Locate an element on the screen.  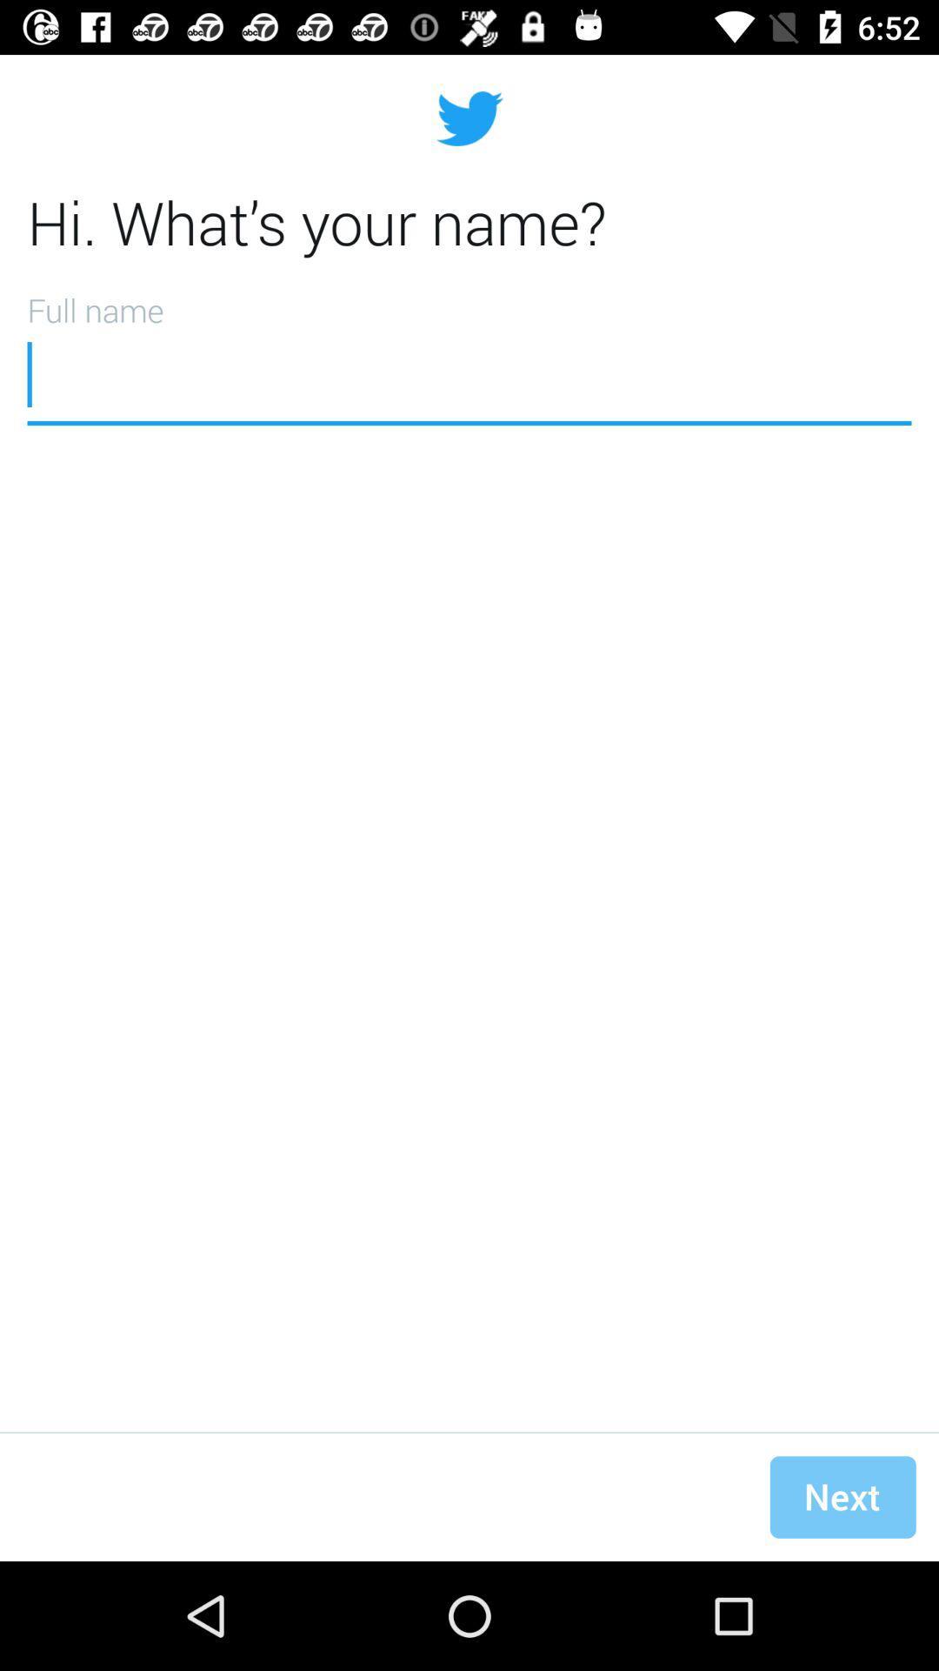
item below hi what s is located at coordinates (469, 352).